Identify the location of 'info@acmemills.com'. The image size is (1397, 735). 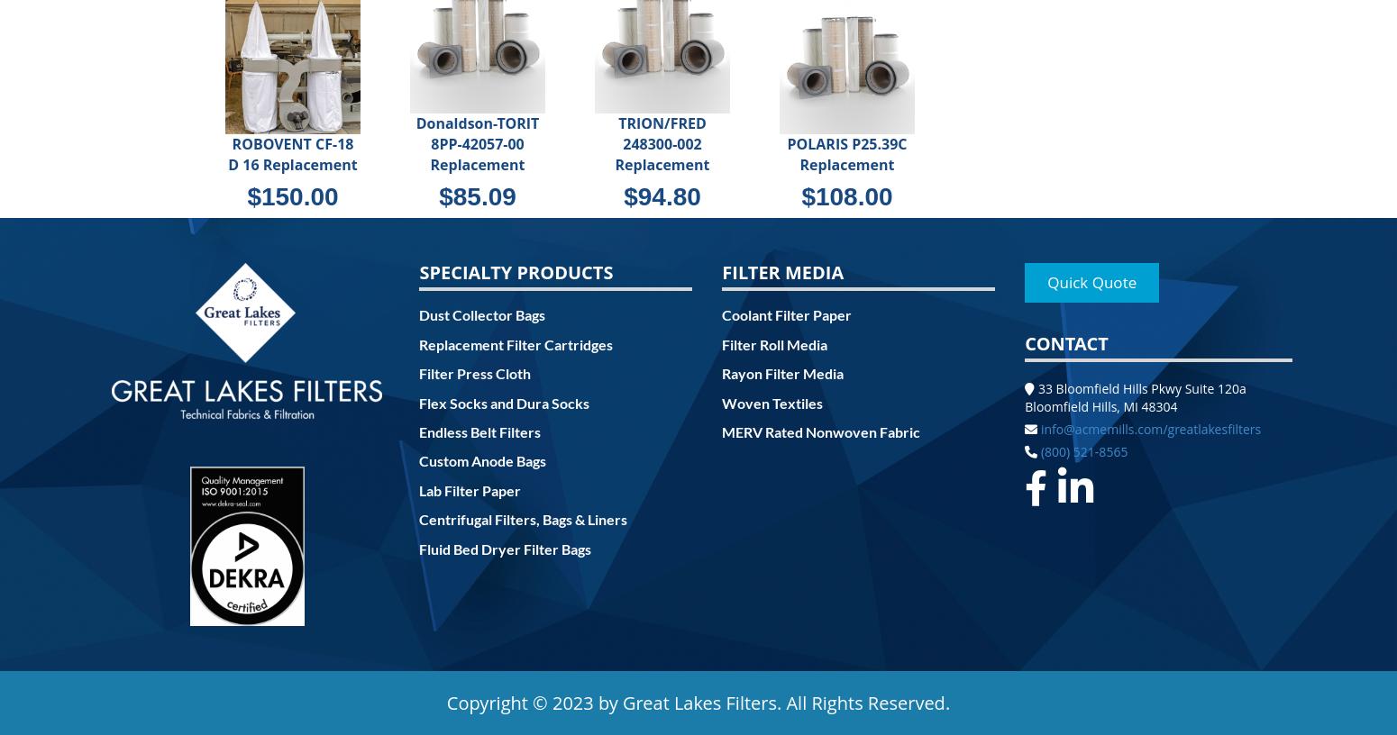
(1101, 428).